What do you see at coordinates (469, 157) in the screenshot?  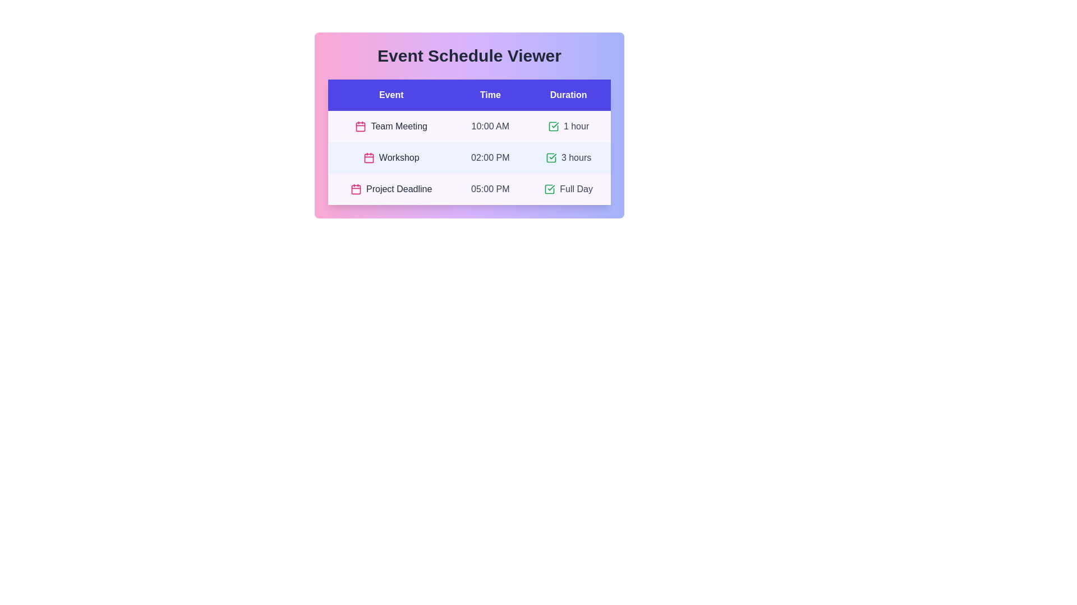 I see `the row corresponding to Workshop` at bounding box center [469, 157].